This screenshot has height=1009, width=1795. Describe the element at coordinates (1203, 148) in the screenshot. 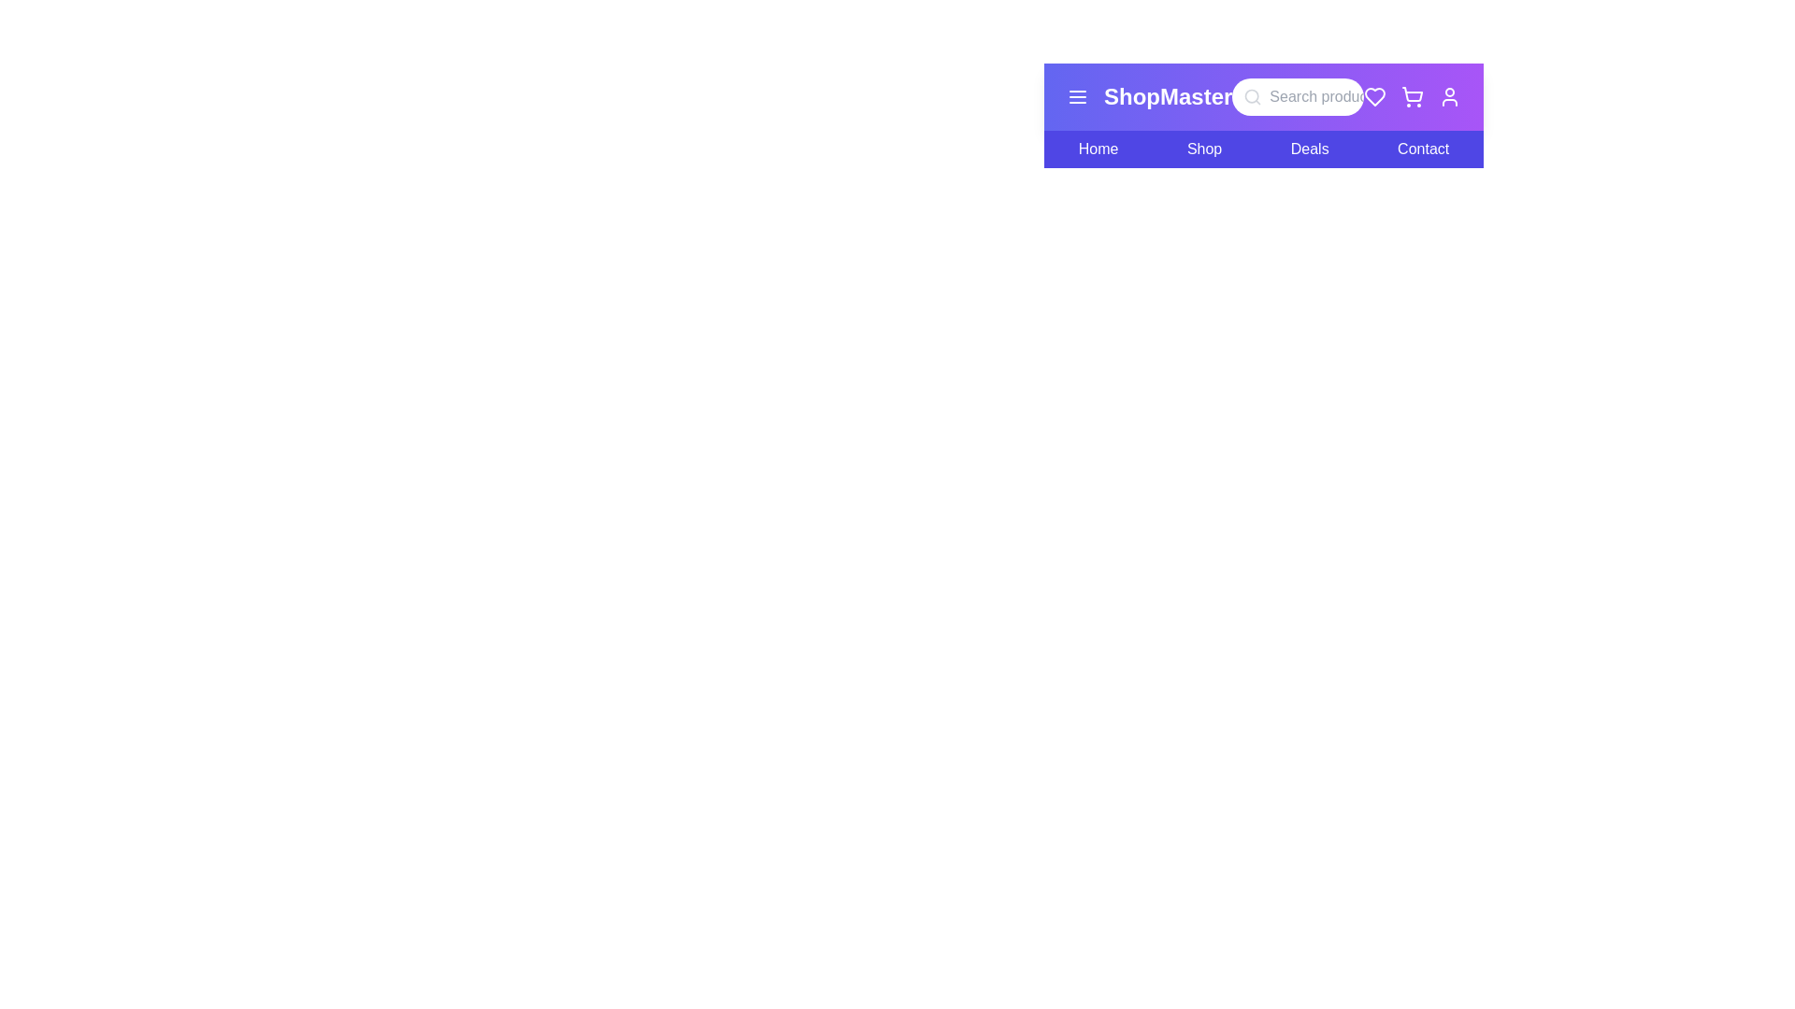

I see `the Shop menu item in the navigation bar` at that location.